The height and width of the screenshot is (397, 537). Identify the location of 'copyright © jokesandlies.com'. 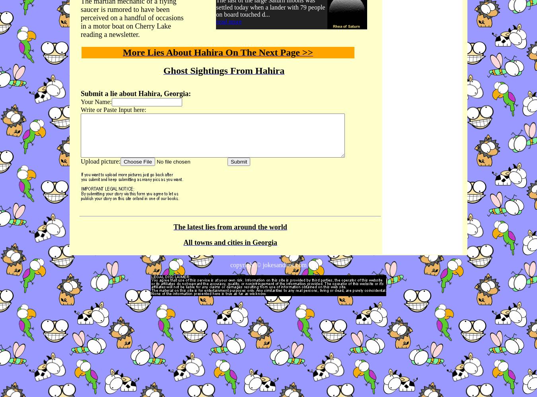
(268, 265).